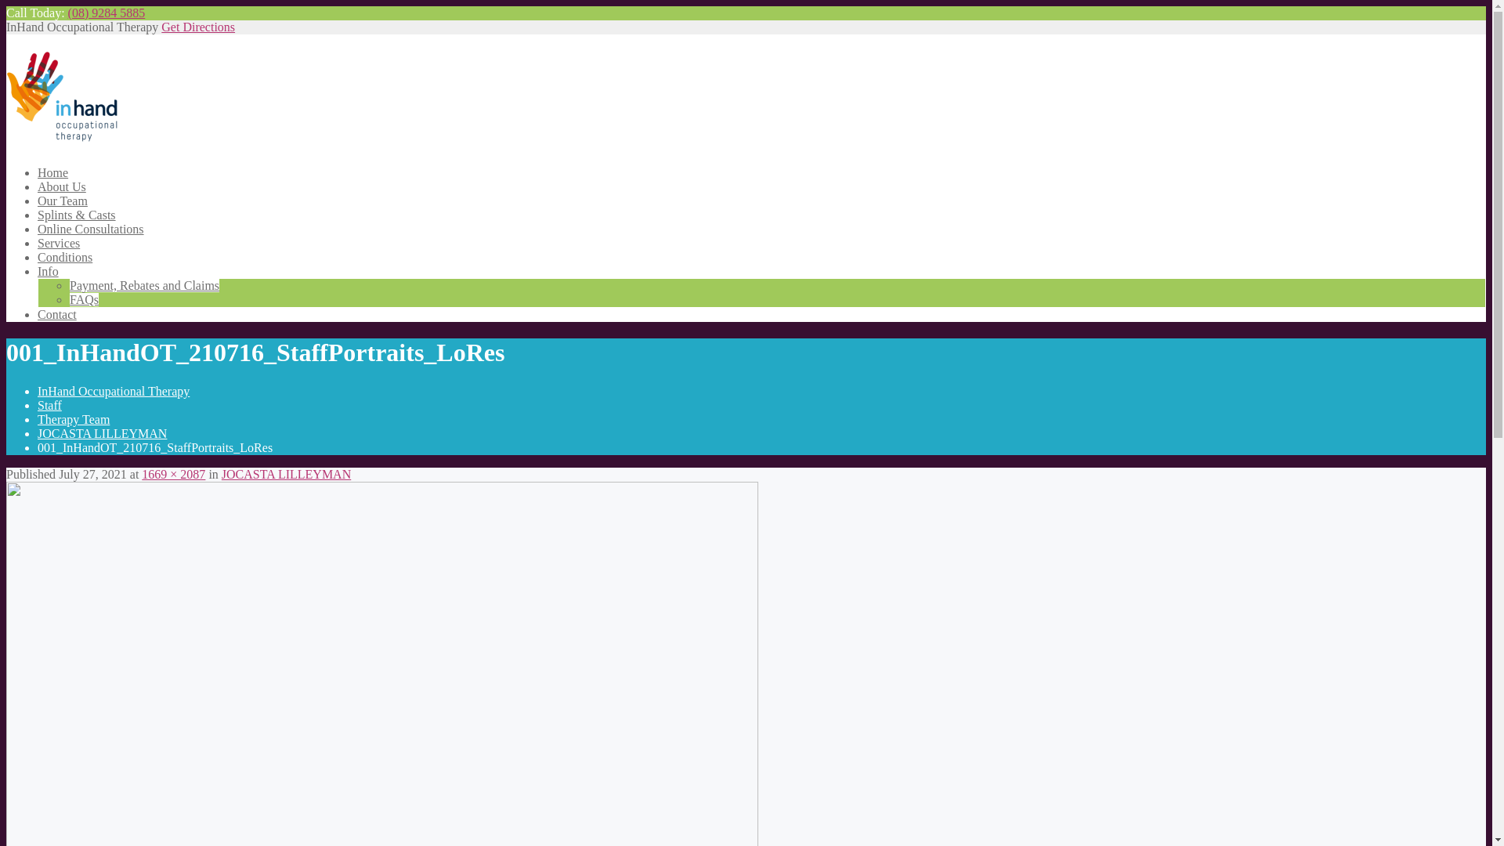  I want to click on 'Get Directions', so click(197, 27).